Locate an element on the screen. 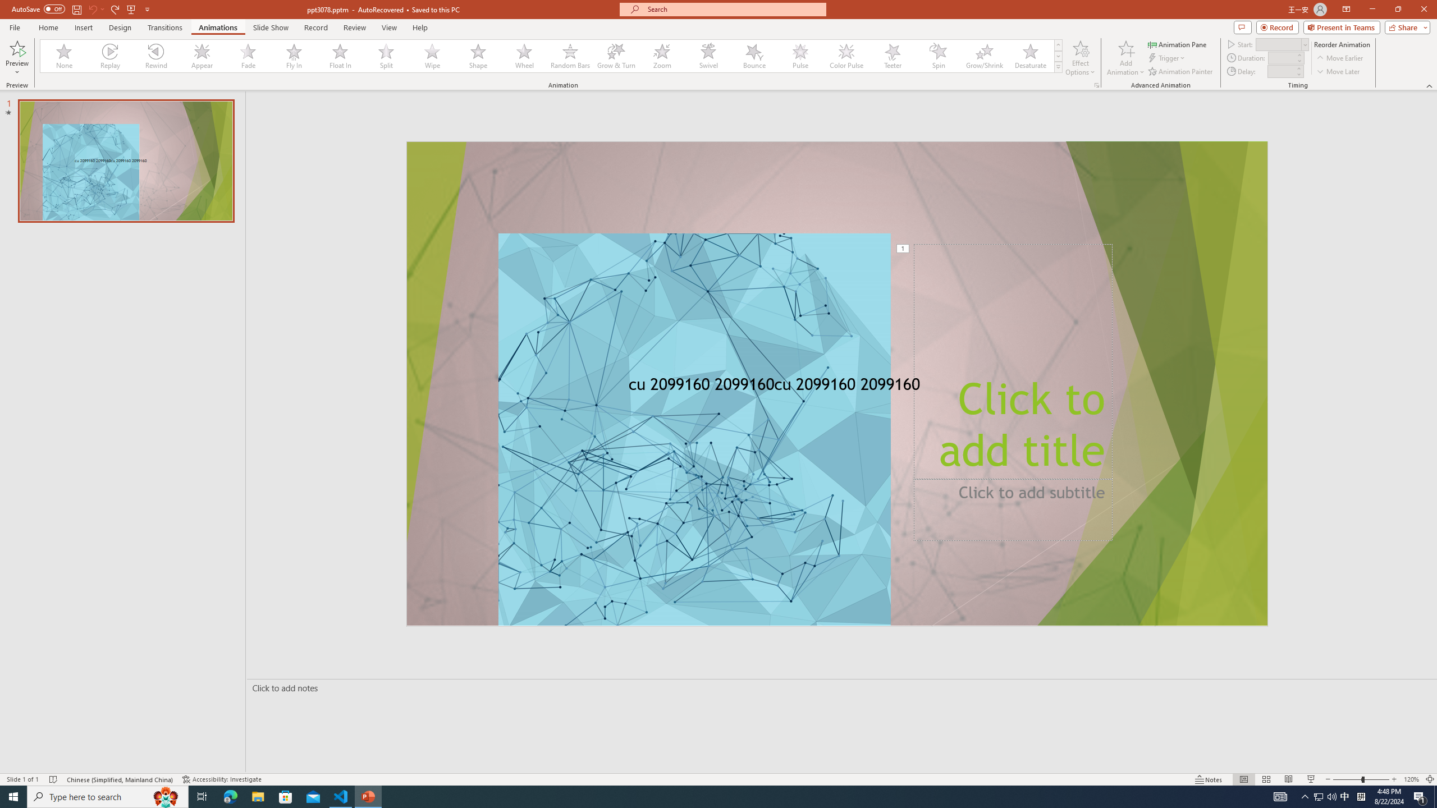 The height and width of the screenshot is (808, 1437). 'Animation Delay' is located at coordinates (1279, 71).